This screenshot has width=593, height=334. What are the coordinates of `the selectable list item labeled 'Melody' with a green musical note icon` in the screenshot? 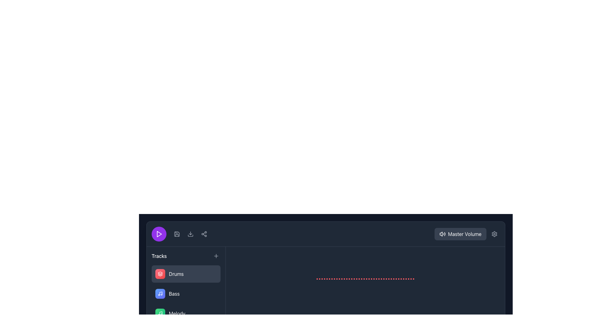 It's located at (170, 314).